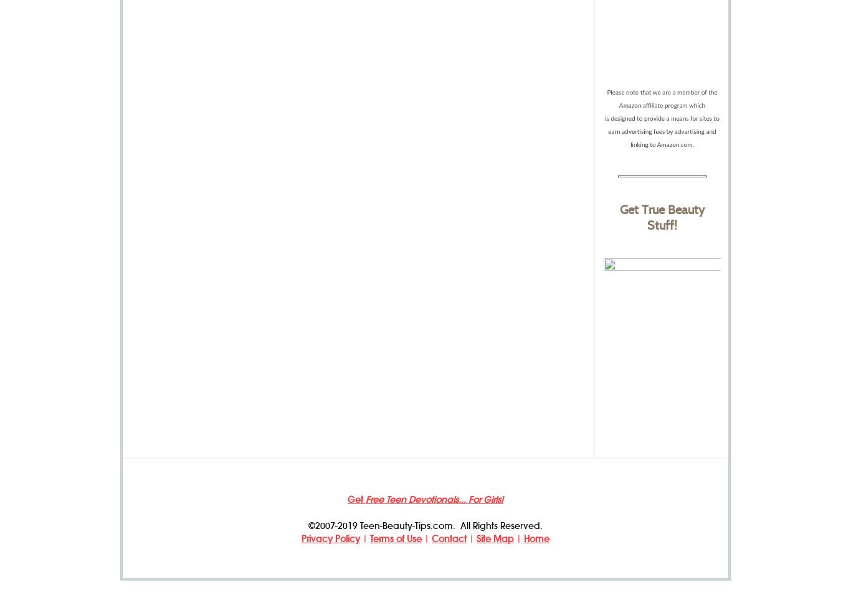  I want to click on 'Please note that we are a member of the Amazon affiliate program which is', so click(660, 105).